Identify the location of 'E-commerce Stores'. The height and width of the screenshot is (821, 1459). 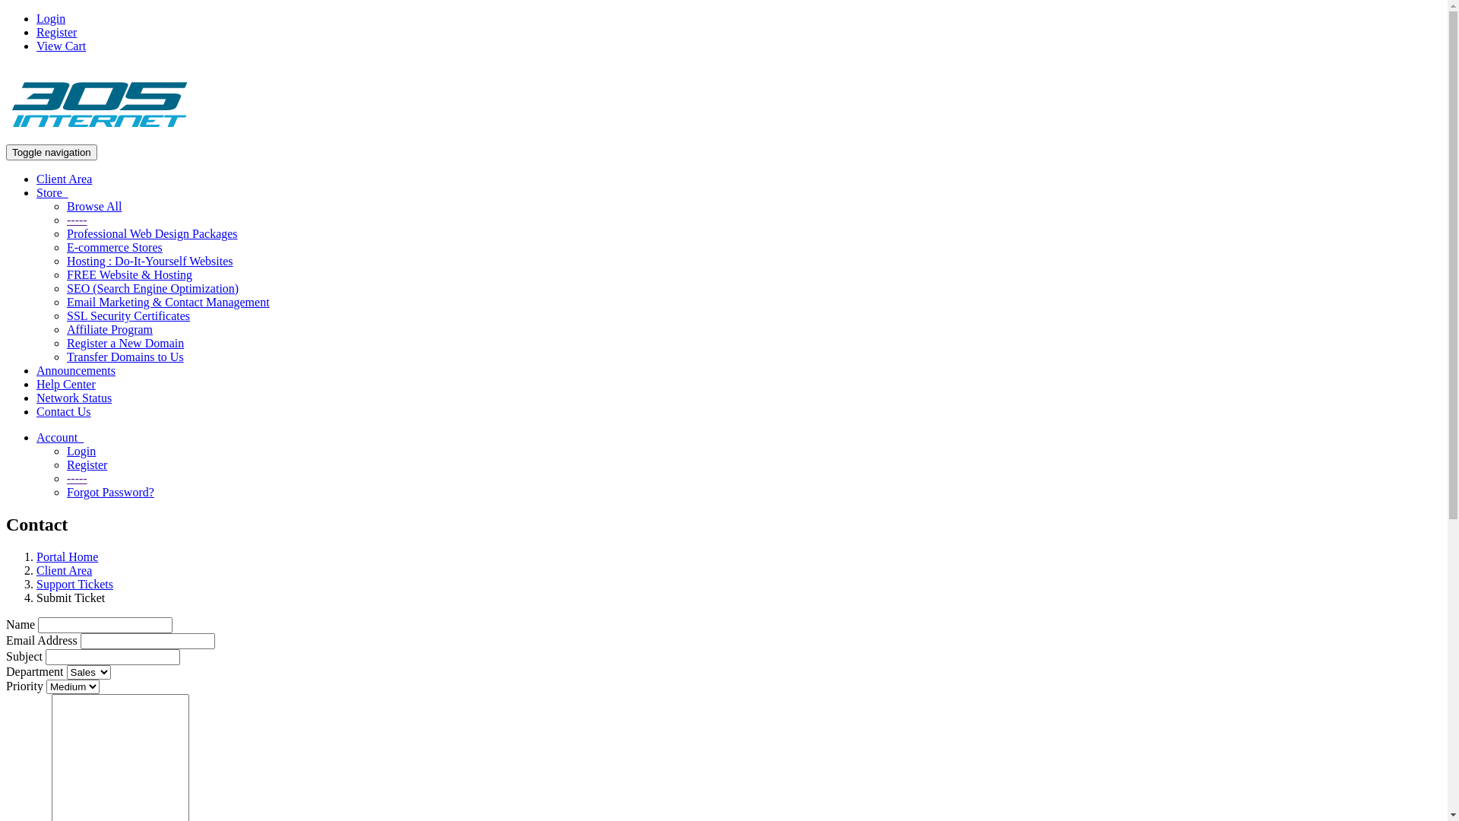
(113, 246).